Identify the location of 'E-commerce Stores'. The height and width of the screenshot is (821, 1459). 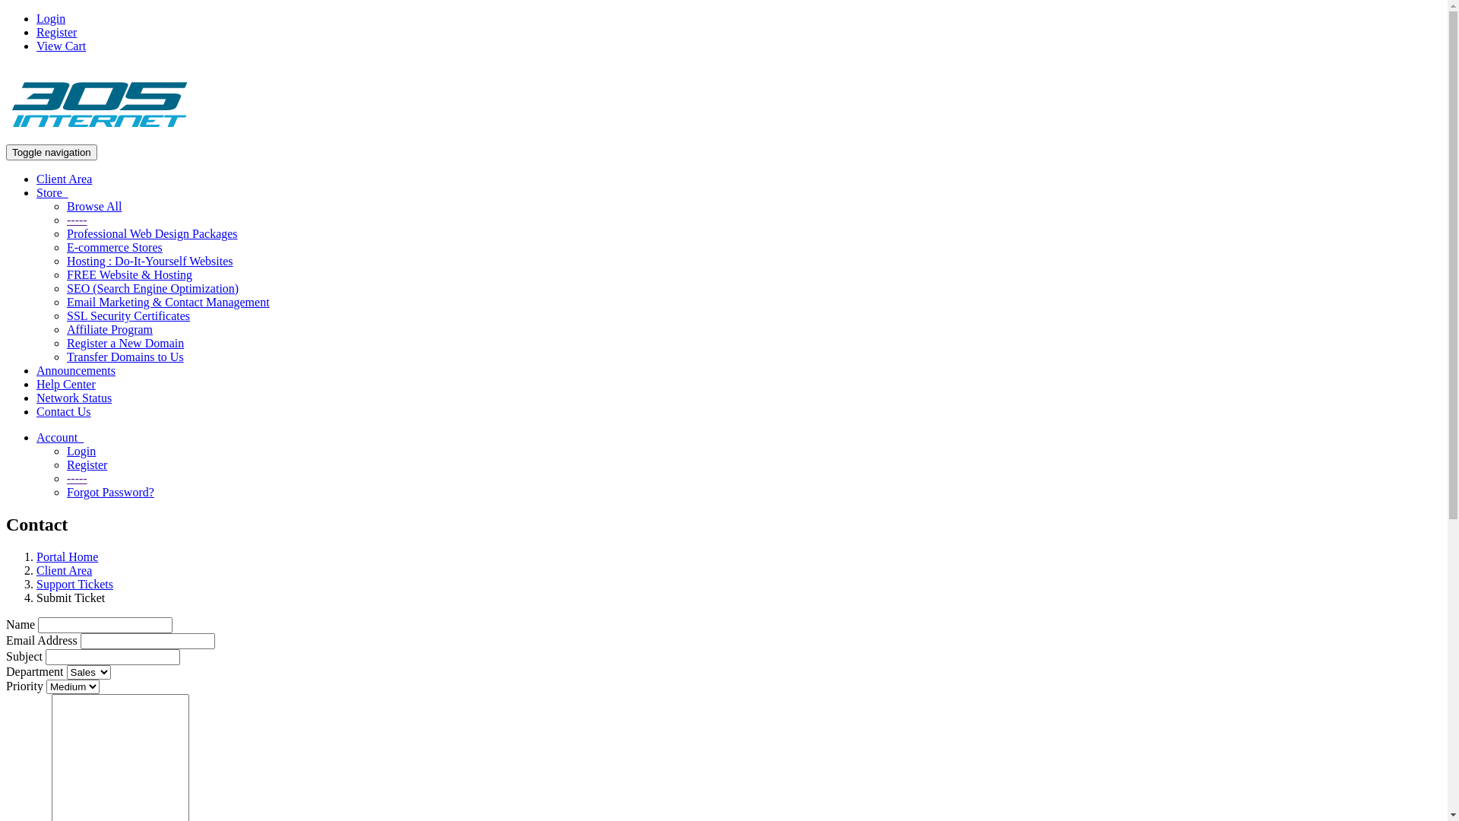
(113, 246).